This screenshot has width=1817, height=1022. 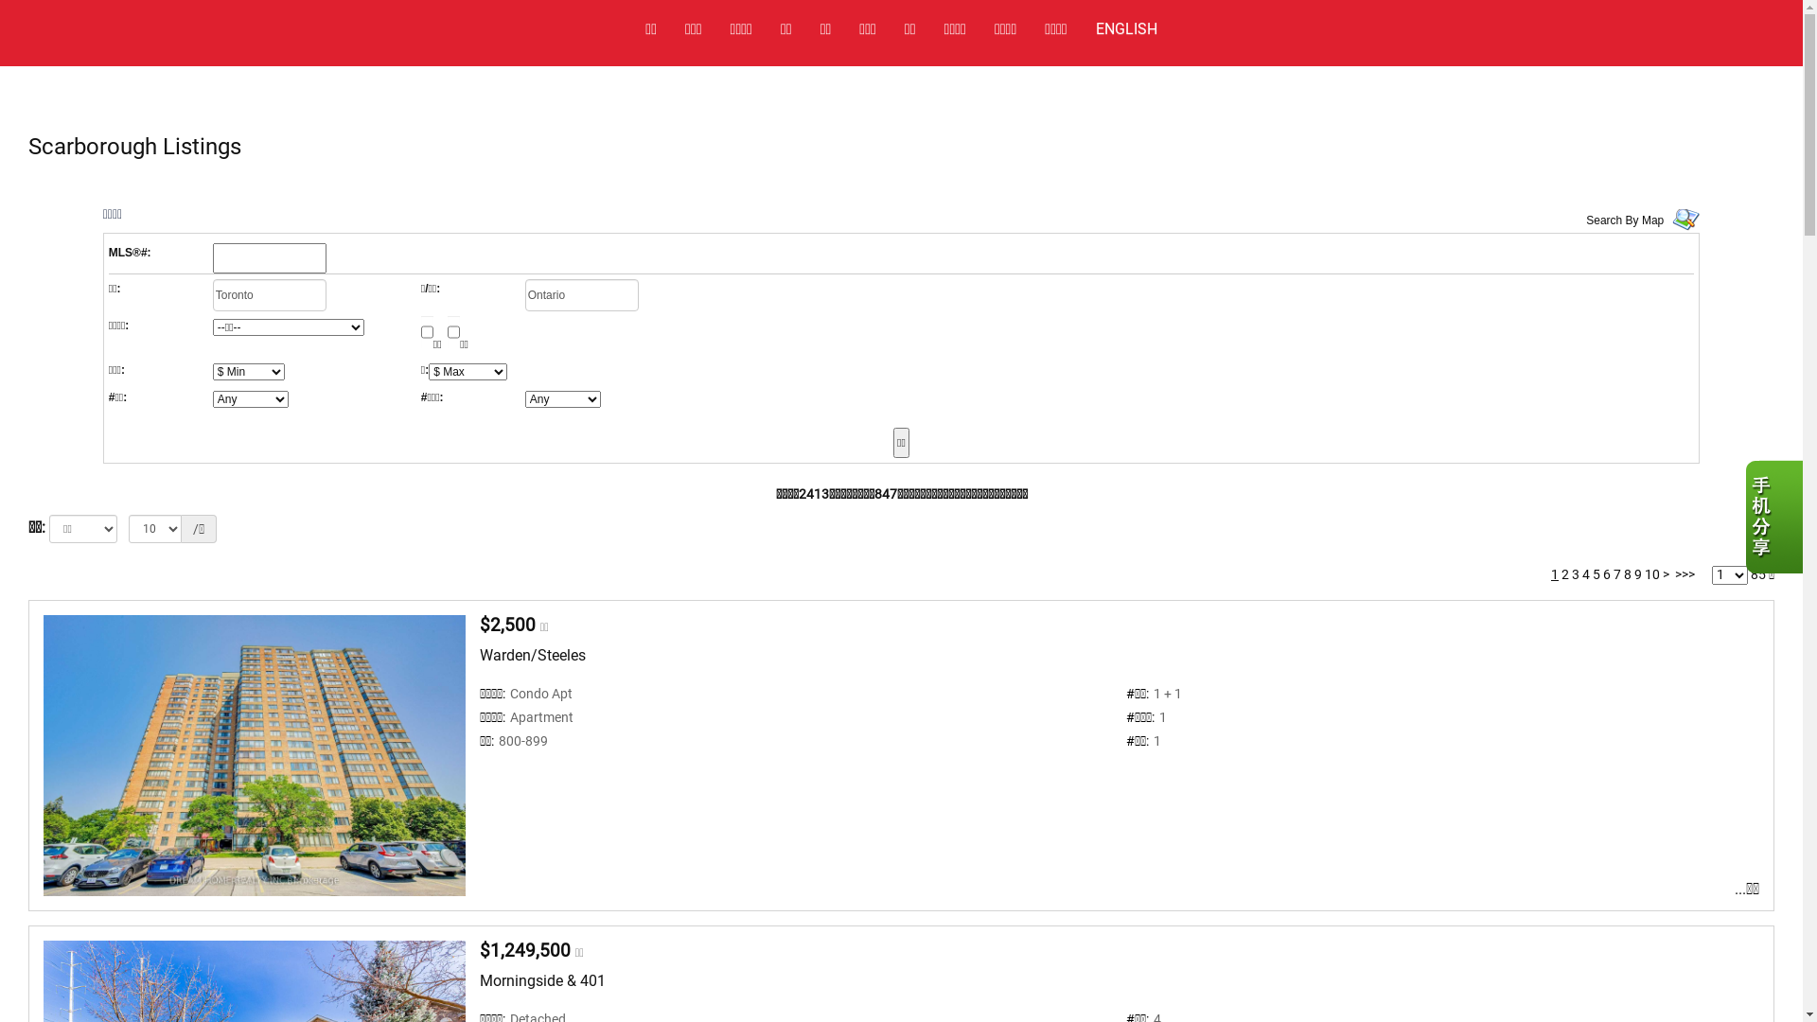 What do you see at coordinates (507, 625) in the screenshot?
I see `'$2,500'` at bounding box center [507, 625].